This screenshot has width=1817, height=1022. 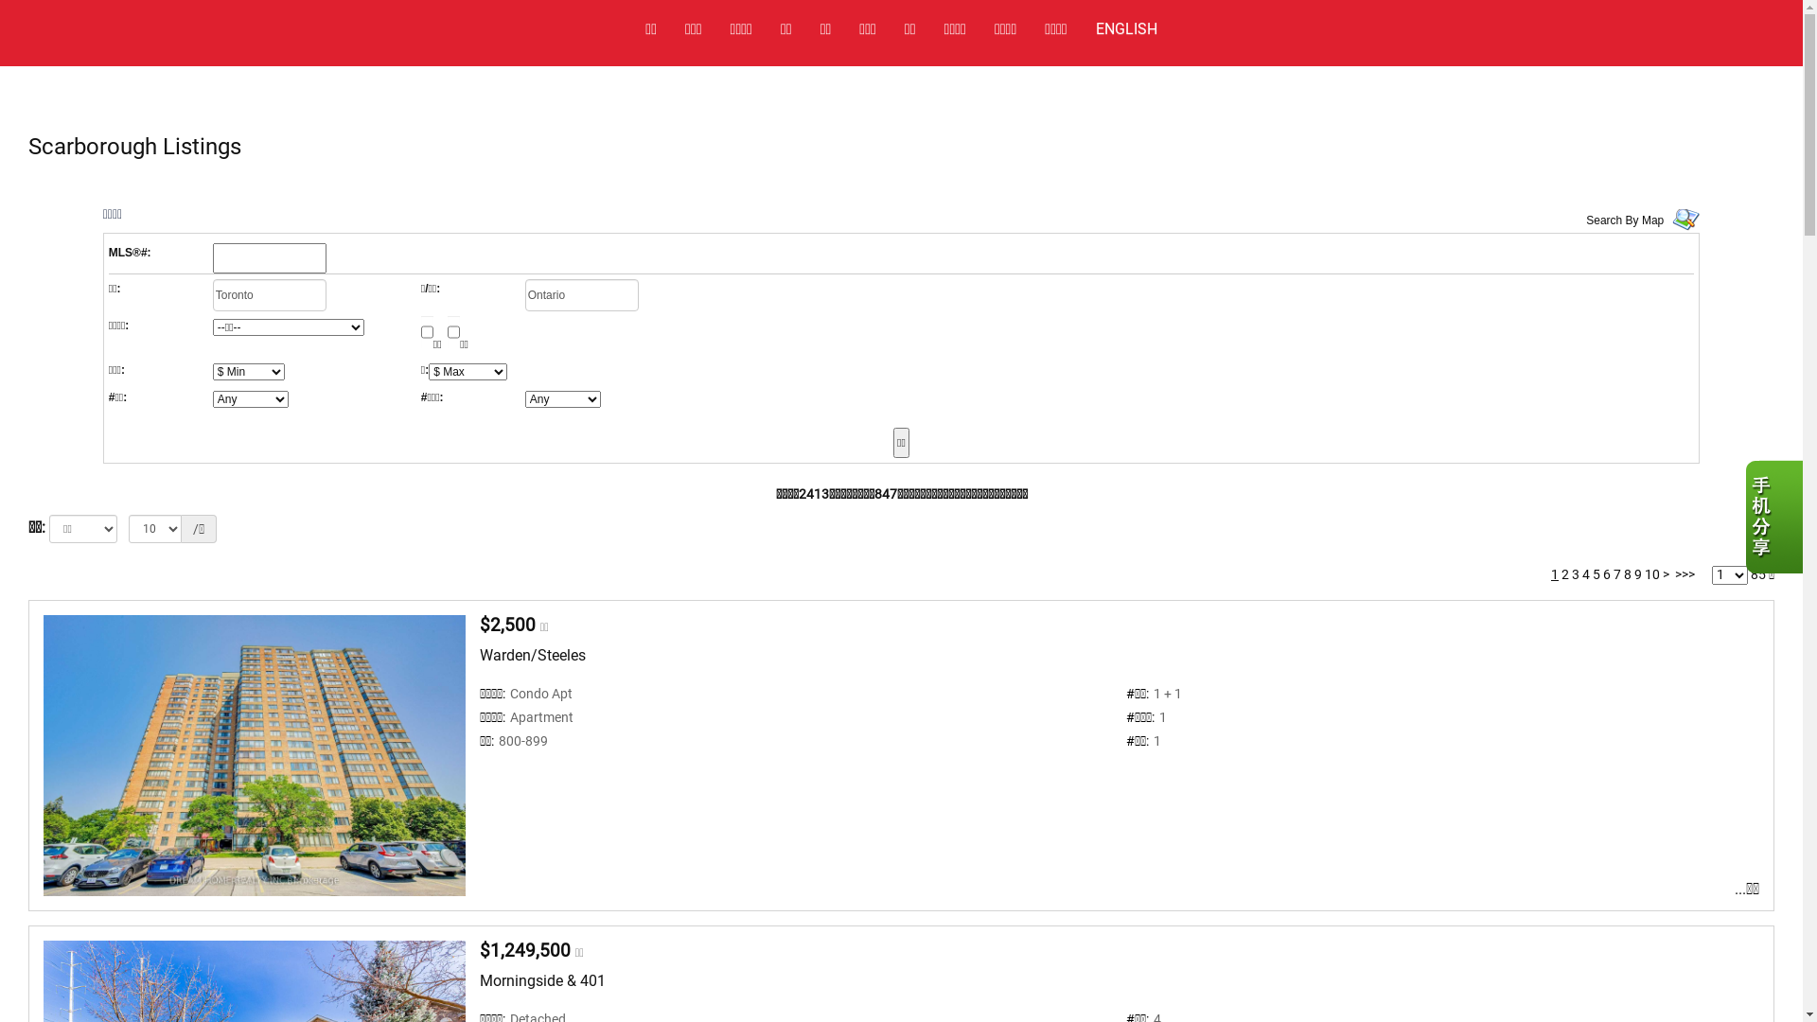 What do you see at coordinates (507, 625) in the screenshot?
I see `'$2,500'` at bounding box center [507, 625].